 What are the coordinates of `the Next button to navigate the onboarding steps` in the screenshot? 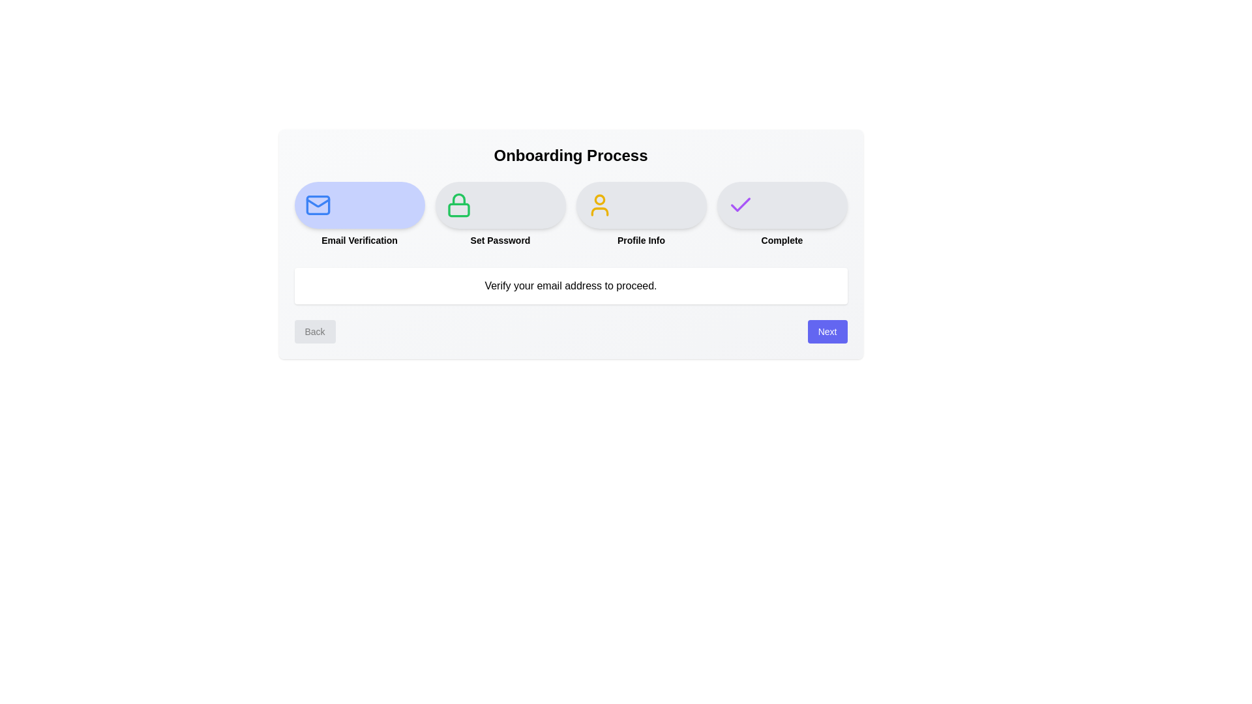 It's located at (827, 331).